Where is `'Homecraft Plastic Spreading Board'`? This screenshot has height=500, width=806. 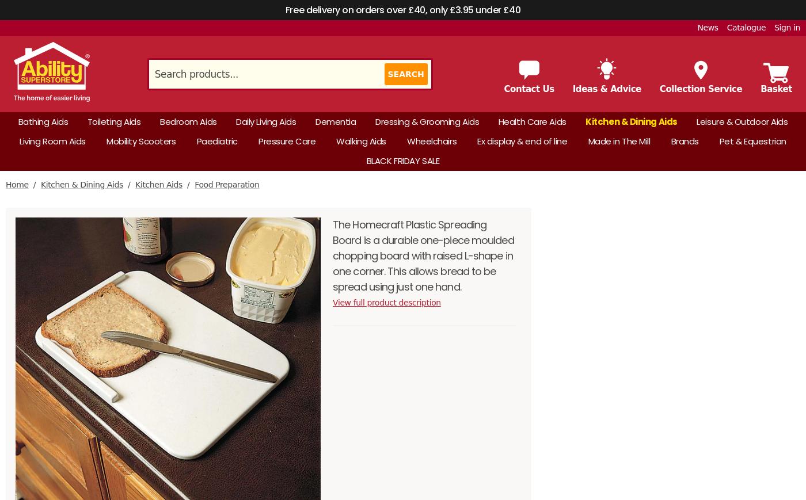
'Homecraft Plastic Spreading Board' is located at coordinates (632, 45).